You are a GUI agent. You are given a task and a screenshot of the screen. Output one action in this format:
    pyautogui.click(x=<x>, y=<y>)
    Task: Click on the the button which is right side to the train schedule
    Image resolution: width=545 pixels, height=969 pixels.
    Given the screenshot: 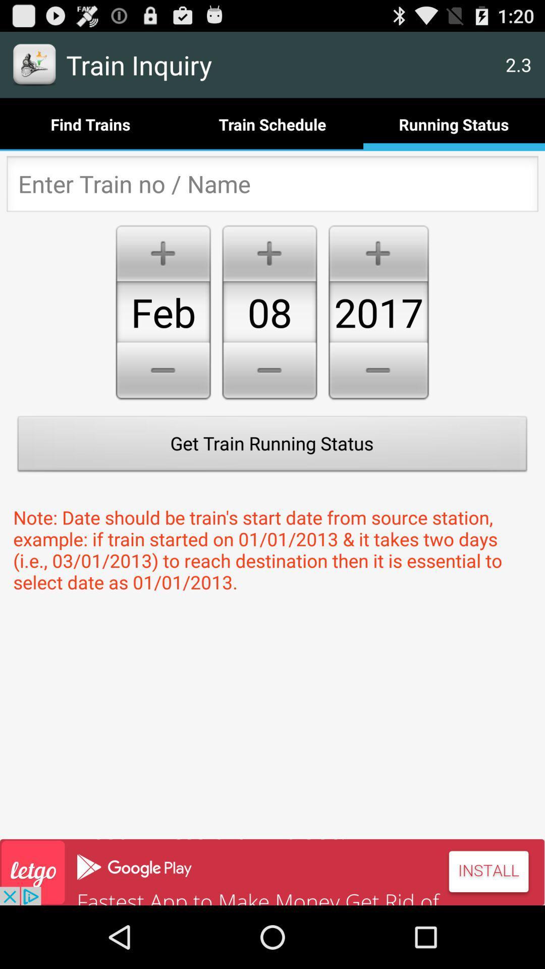 What is the action you would take?
    pyautogui.click(x=453, y=124)
    